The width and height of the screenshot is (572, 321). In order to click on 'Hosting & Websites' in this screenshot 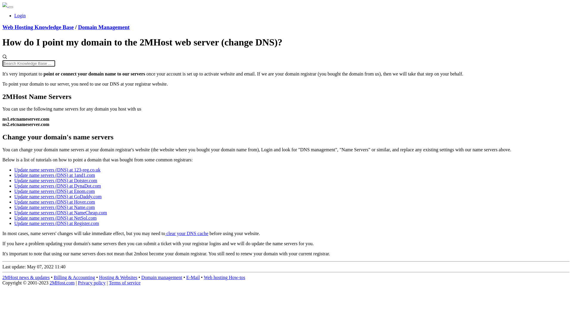, I will do `click(118, 277)`.